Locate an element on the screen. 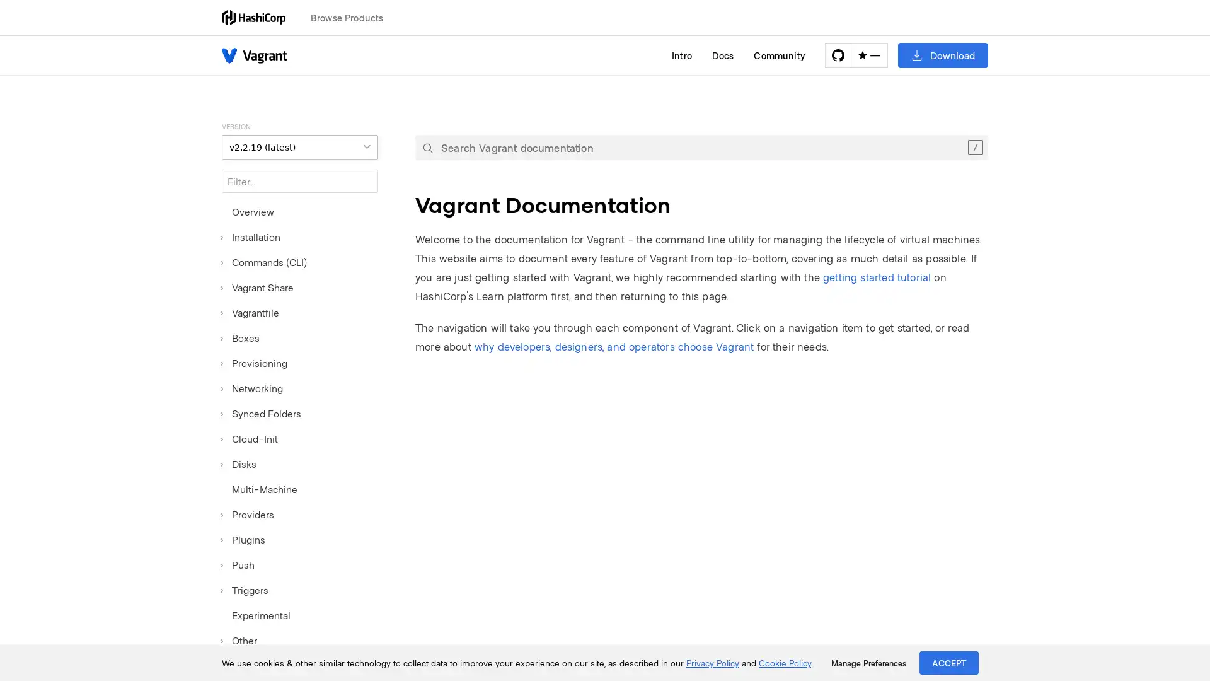 The image size is (1210, 681). Synced Folders is located at coordinates (260, 413).